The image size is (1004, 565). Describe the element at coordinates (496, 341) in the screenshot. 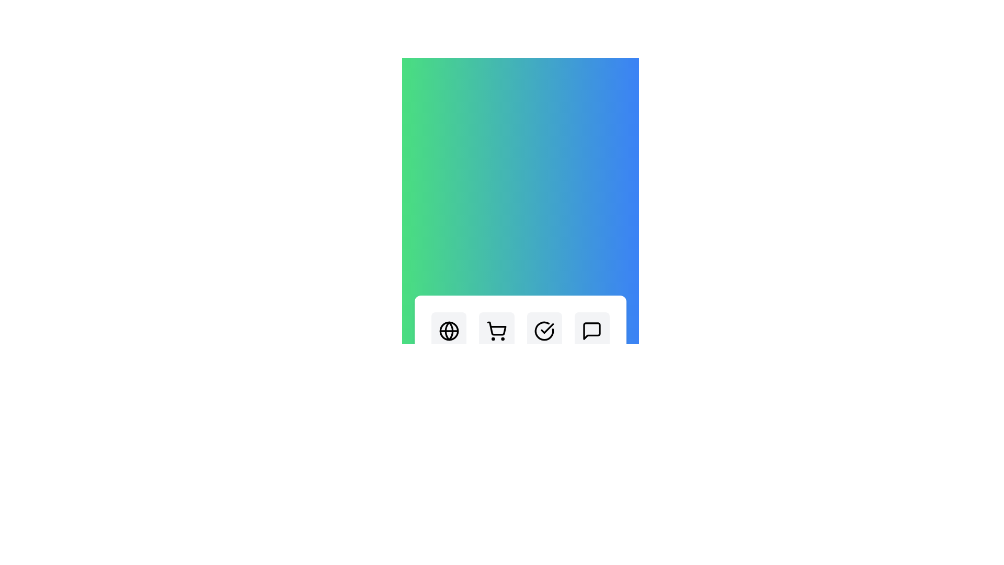

I see `the second card in the grid layout that serves as a button leading to a shopping-related section, positioned between the 'Explore' card and the 'Complete' card` at that location.